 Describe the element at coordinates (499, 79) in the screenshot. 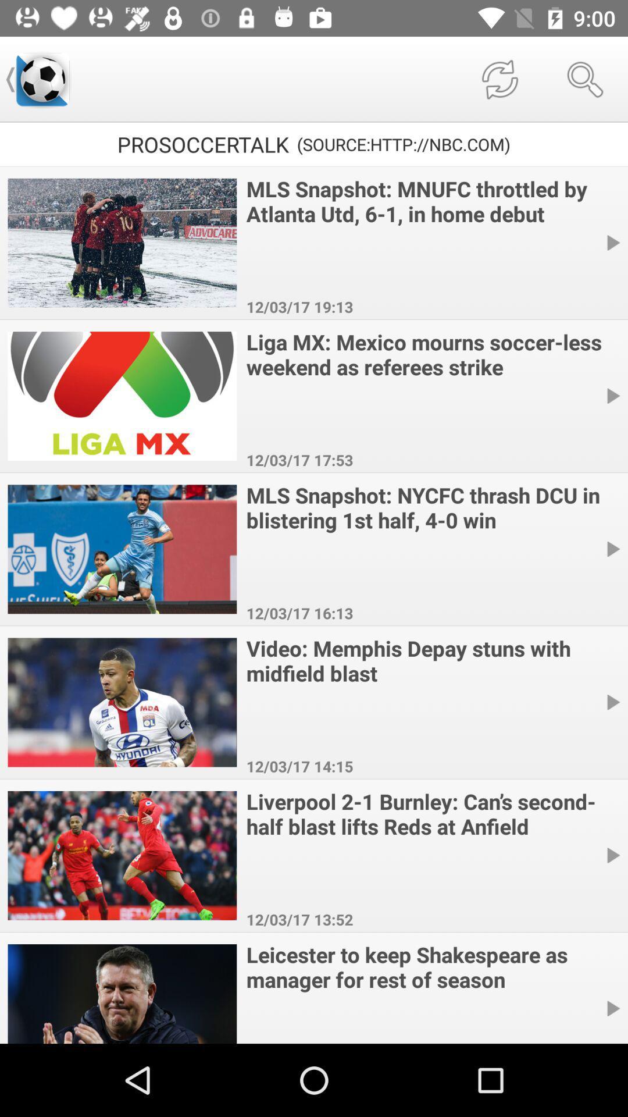

I see `the icon above the source http nbc icon` at that location.